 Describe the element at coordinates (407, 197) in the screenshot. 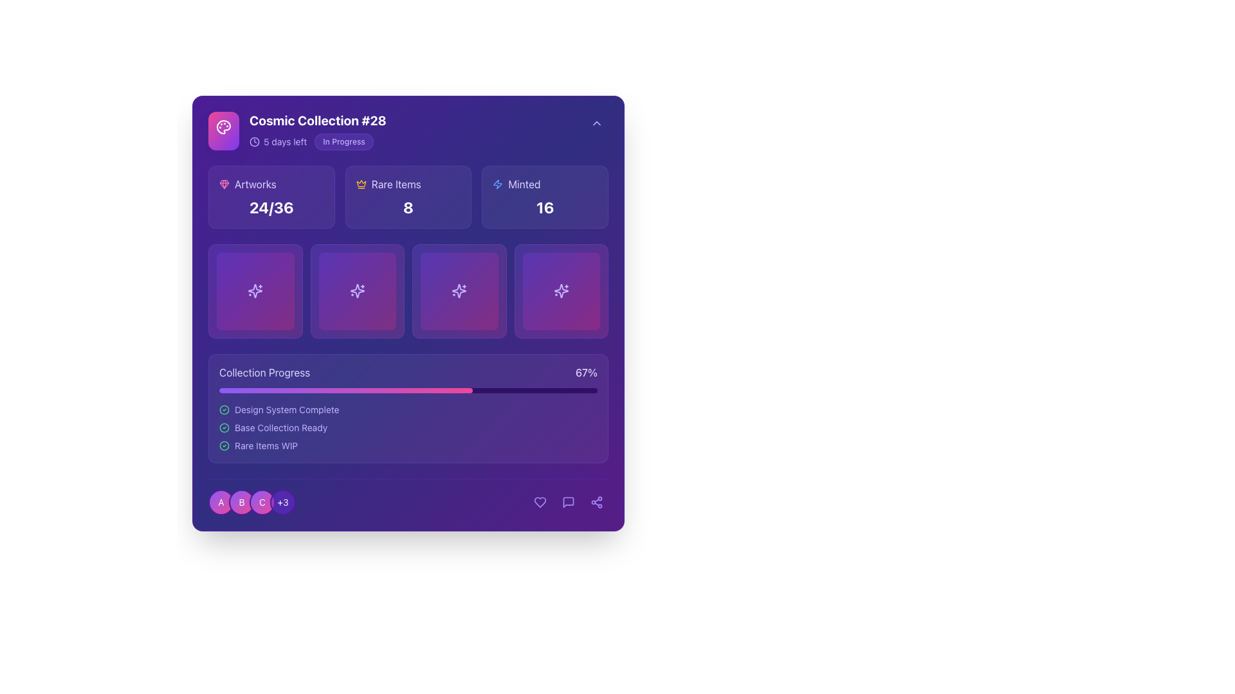

I see `the Information Card displaying 'Rare Items' with a crown icon, located in the center of the three horizontally aligned cards in the 'Collection Progress' section` at that location.